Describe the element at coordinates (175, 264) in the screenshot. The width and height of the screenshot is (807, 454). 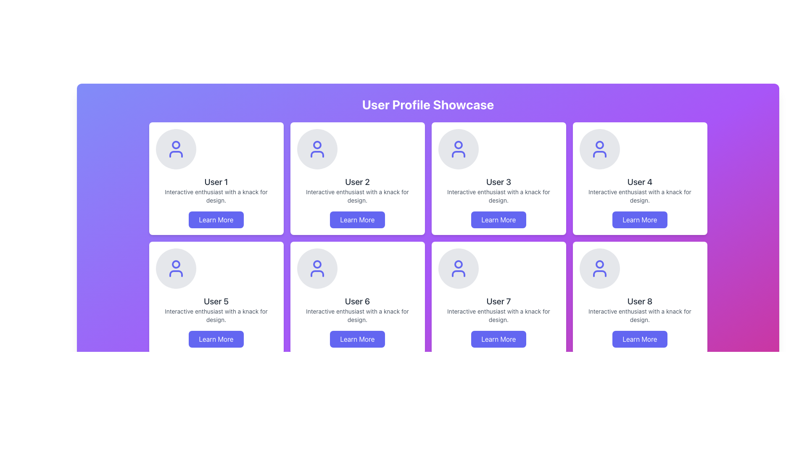
I see `the SVG circle representing the head in the user avatar of 'User 5' located in the second row of the grid` at that location.